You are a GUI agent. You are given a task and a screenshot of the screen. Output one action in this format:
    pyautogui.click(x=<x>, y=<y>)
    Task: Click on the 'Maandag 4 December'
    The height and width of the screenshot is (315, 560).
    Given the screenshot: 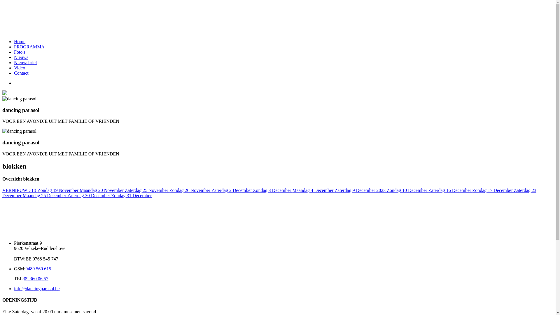 What is the action you would take?
    pyautogui.click(x=292, y=190)
    